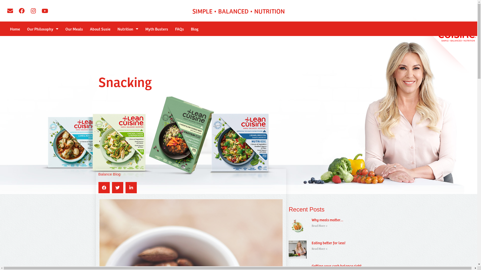 The height and width of the screenshot is (270, 481). Describe the element at coordinates (128, 29) in the screenshot. I see `'Nutrition'` at that location.